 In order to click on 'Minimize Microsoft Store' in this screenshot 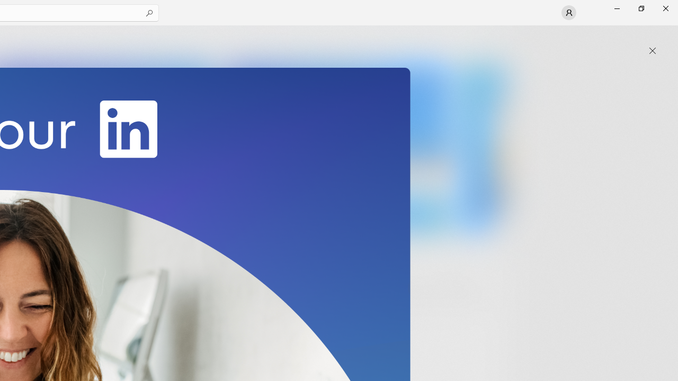, I will do `click(617, 8)`.